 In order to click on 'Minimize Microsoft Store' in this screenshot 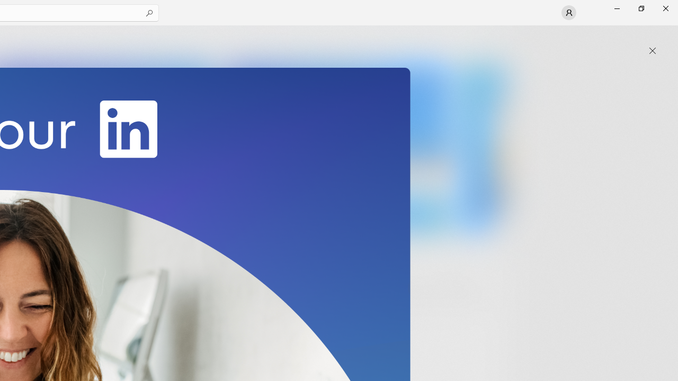, I will do `click(617, 8)`.